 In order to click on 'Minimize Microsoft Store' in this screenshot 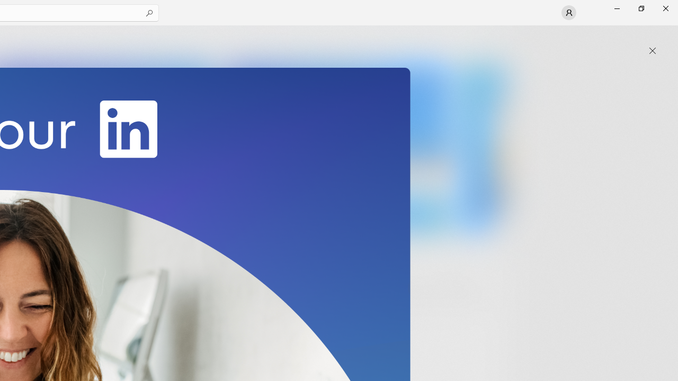, I will do `click(617, 8)`.